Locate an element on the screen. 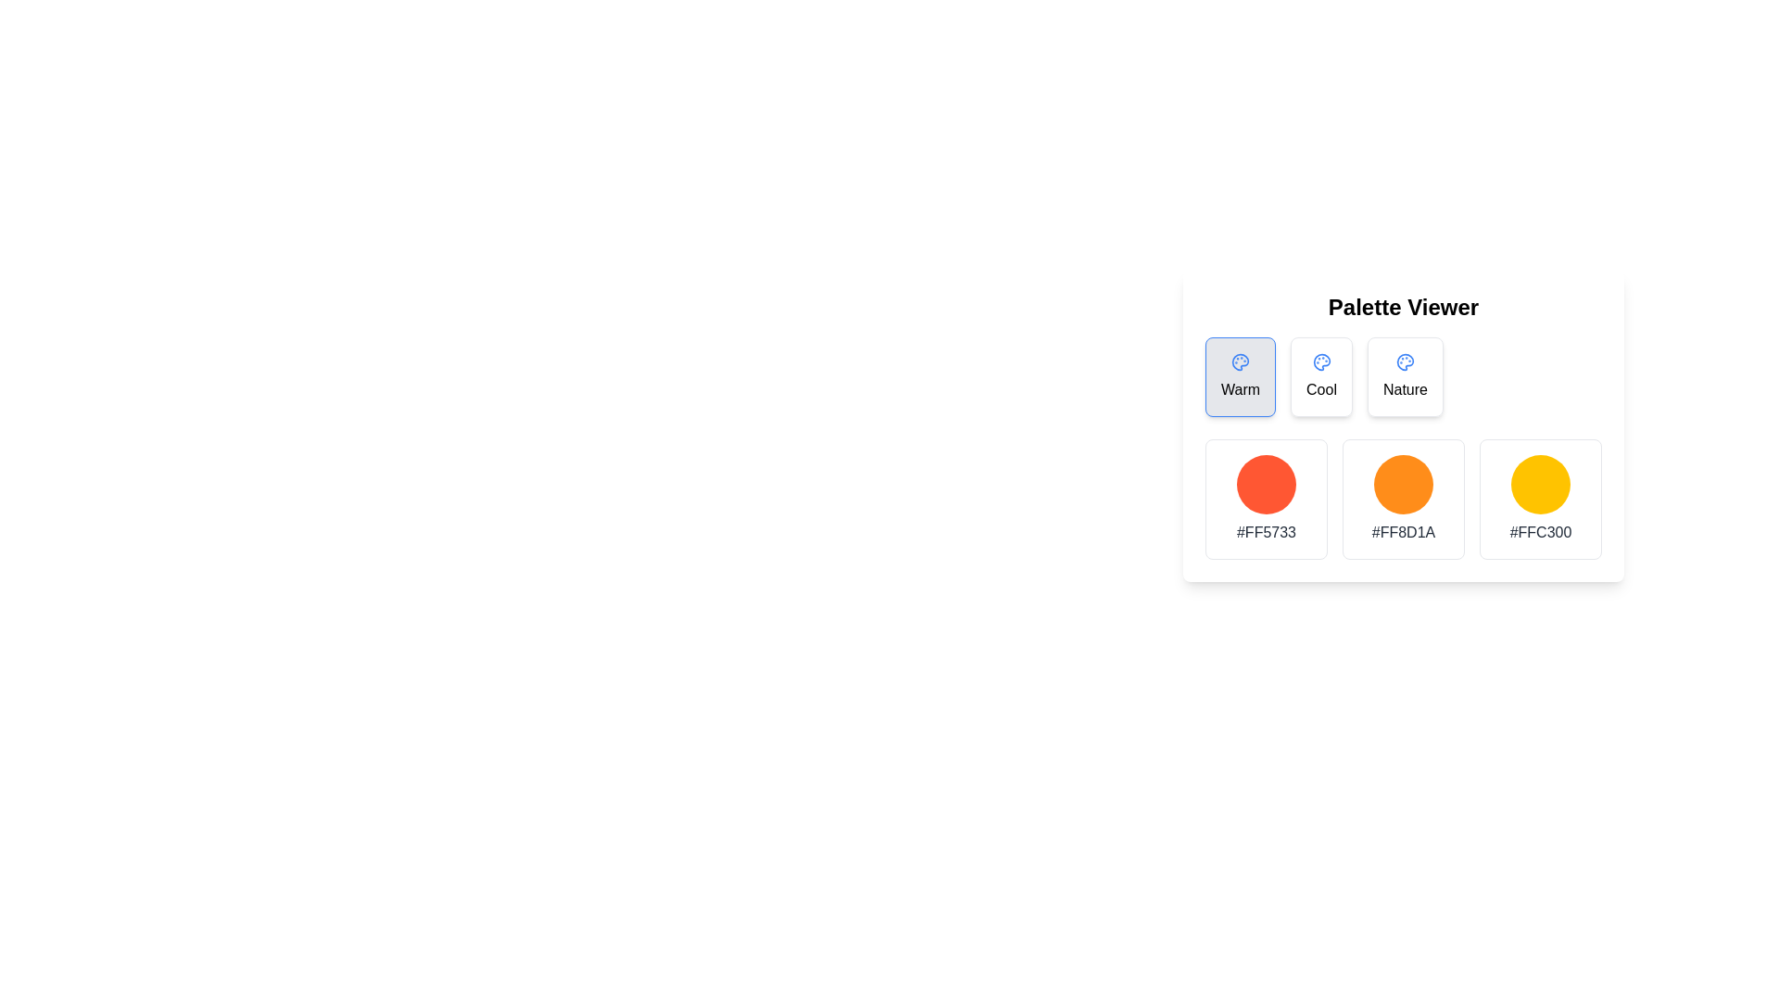 The image size is (1779, 1001). the 'Cool' category selectable button in the Palette Viewer section is located at coordinates (1320, 376).